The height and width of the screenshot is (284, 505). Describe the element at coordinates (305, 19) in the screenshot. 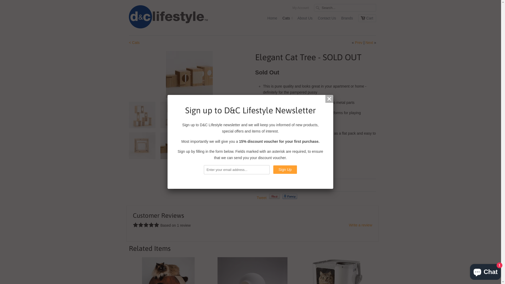

I see `'About Us'` at that location.